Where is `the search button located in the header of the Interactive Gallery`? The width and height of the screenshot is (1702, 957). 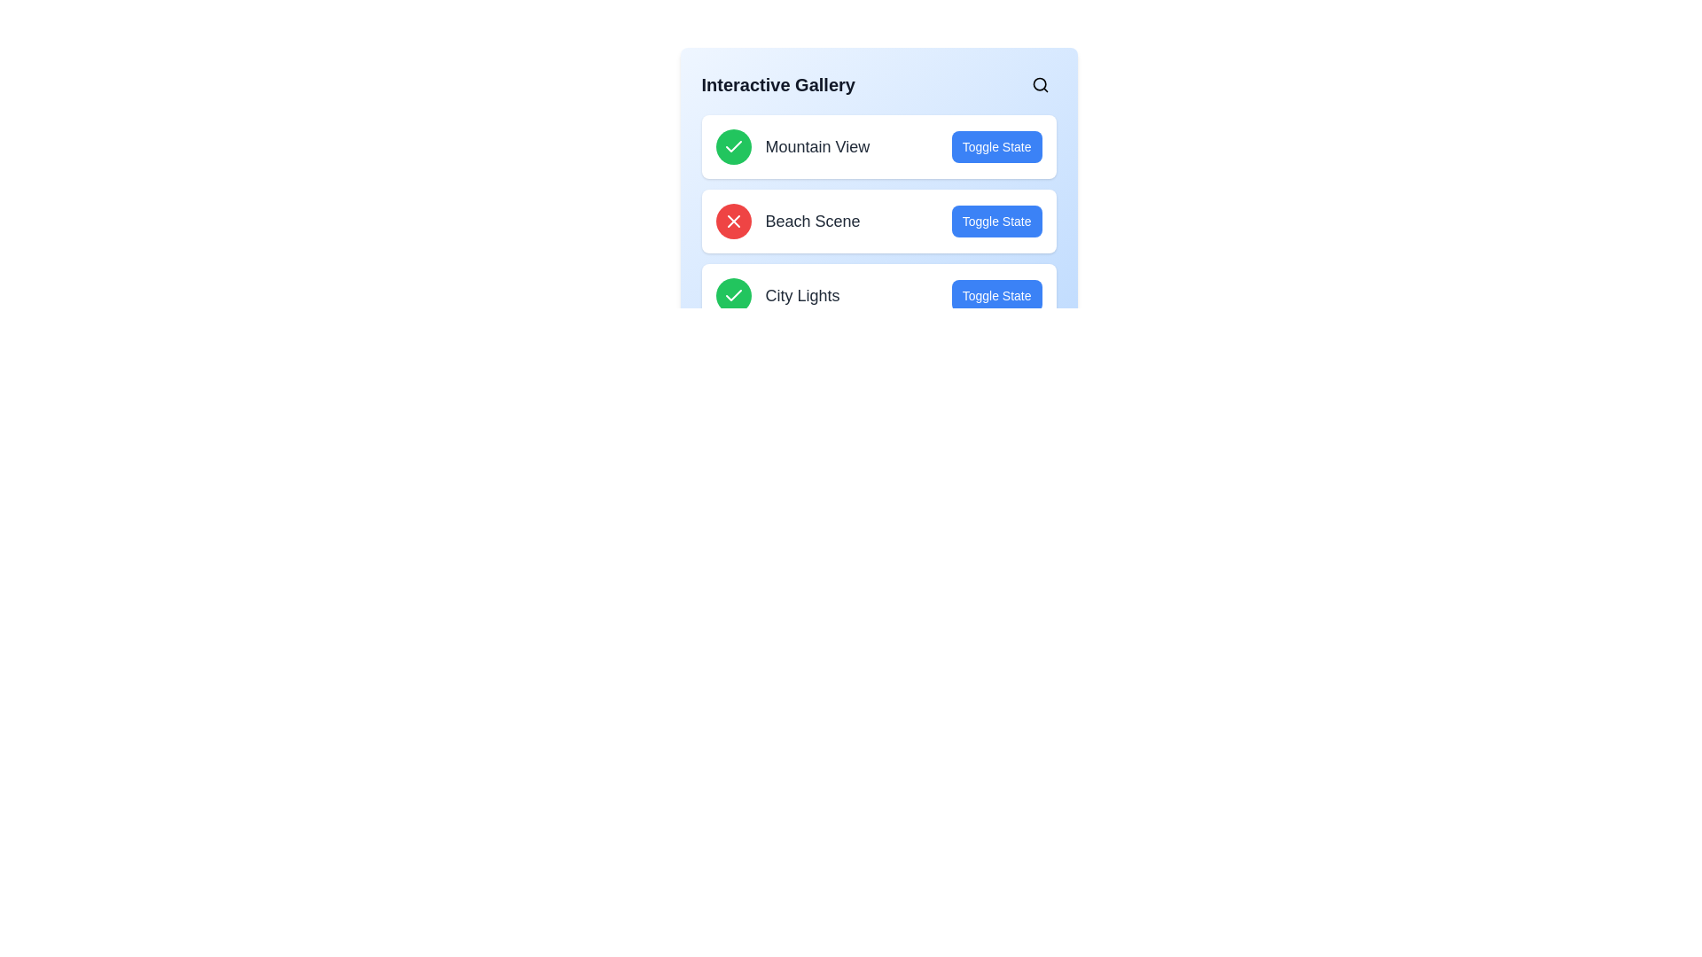
the search button located in the header of the Interactive Gallery is located at coordinates (1040, 85).